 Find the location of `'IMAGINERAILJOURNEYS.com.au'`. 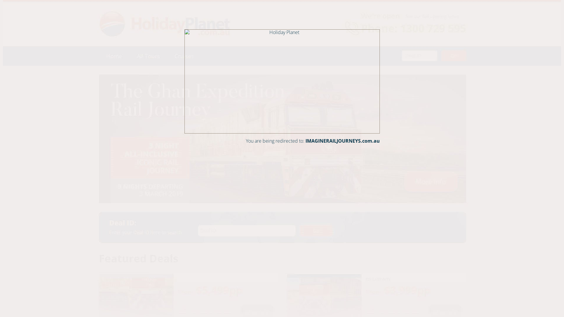

'IMAGINERAILJOURNEYS.com.au' is located at coordinates (343, 141).